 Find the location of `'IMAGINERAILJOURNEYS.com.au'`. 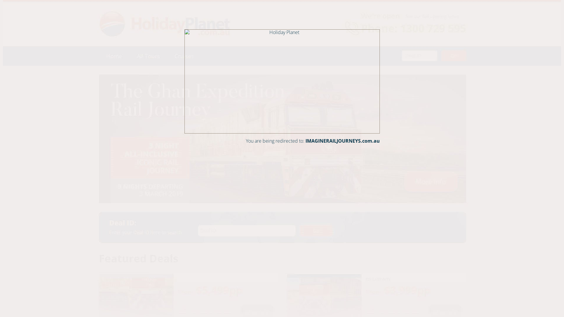

'IMAGINERAILJOURNEYS.com.au' is located at coordinates (343, 141).